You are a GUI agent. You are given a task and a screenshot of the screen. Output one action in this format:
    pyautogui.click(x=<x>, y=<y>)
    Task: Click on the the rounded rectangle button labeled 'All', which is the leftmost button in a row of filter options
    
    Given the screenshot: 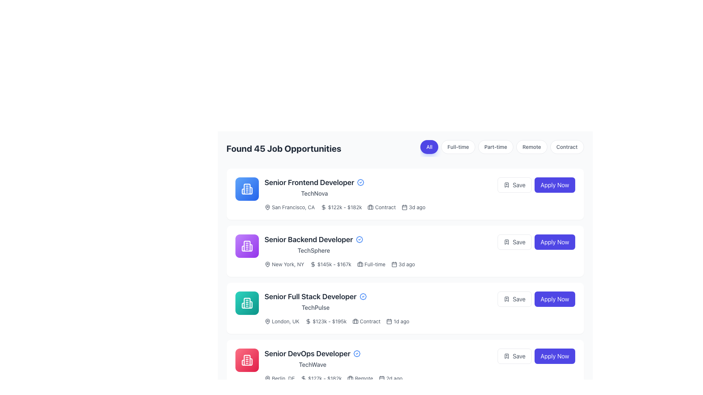 What is the action you would take?
    pyautogui.click(x=429, y=147)
    